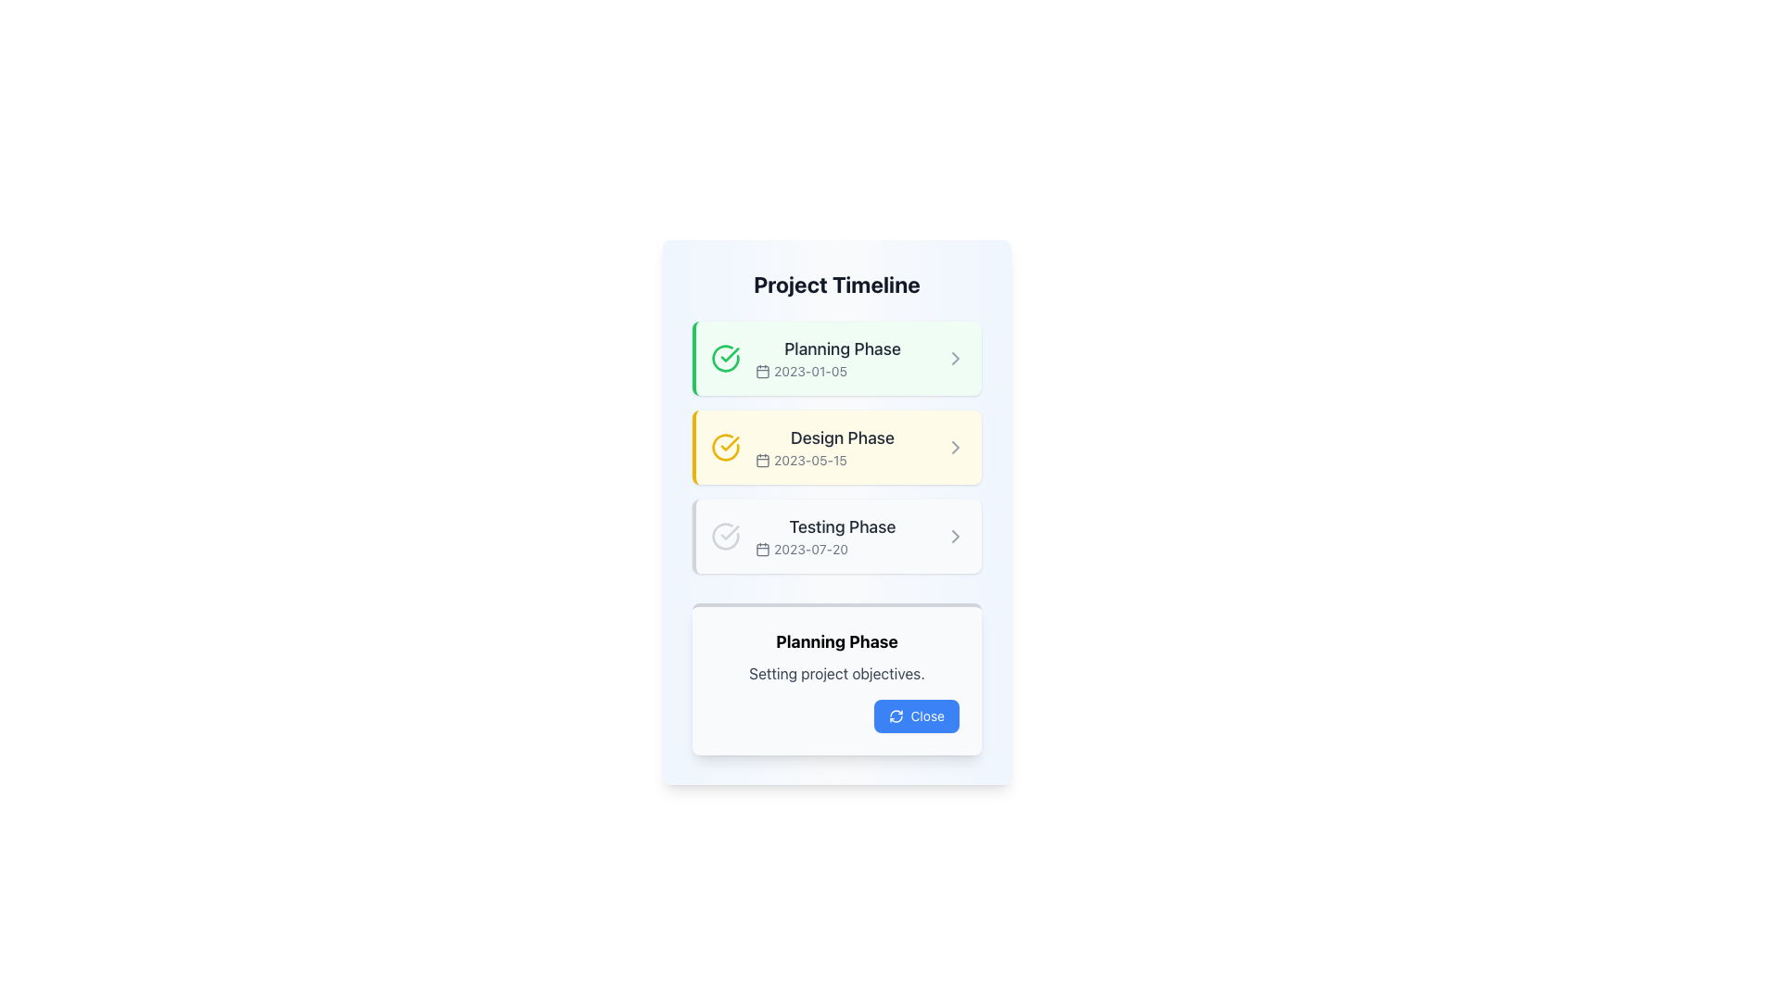 The height and width of the screenshot is (1001, 1780). I want to click on the date label '2023-07-20' with a calendar icon located in the 'Testing Phase' section of the timeline view, so click(841, 549).